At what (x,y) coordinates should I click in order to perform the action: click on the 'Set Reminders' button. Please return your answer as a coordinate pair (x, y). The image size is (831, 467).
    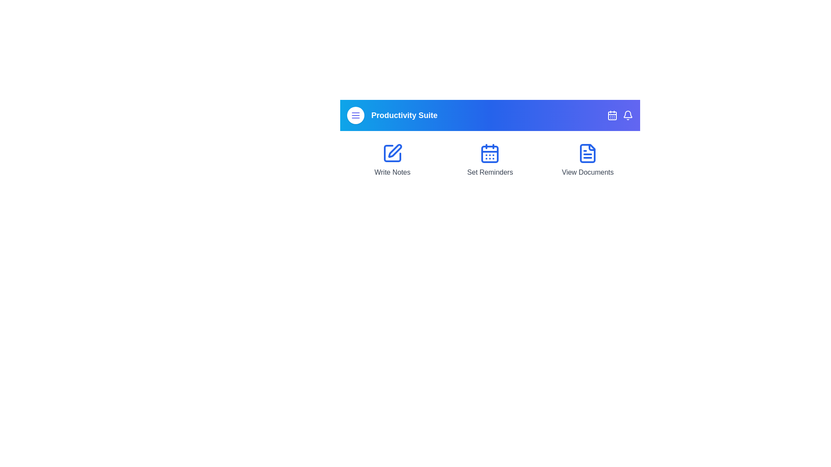
    Looking at the image, I should click on (490, 160).